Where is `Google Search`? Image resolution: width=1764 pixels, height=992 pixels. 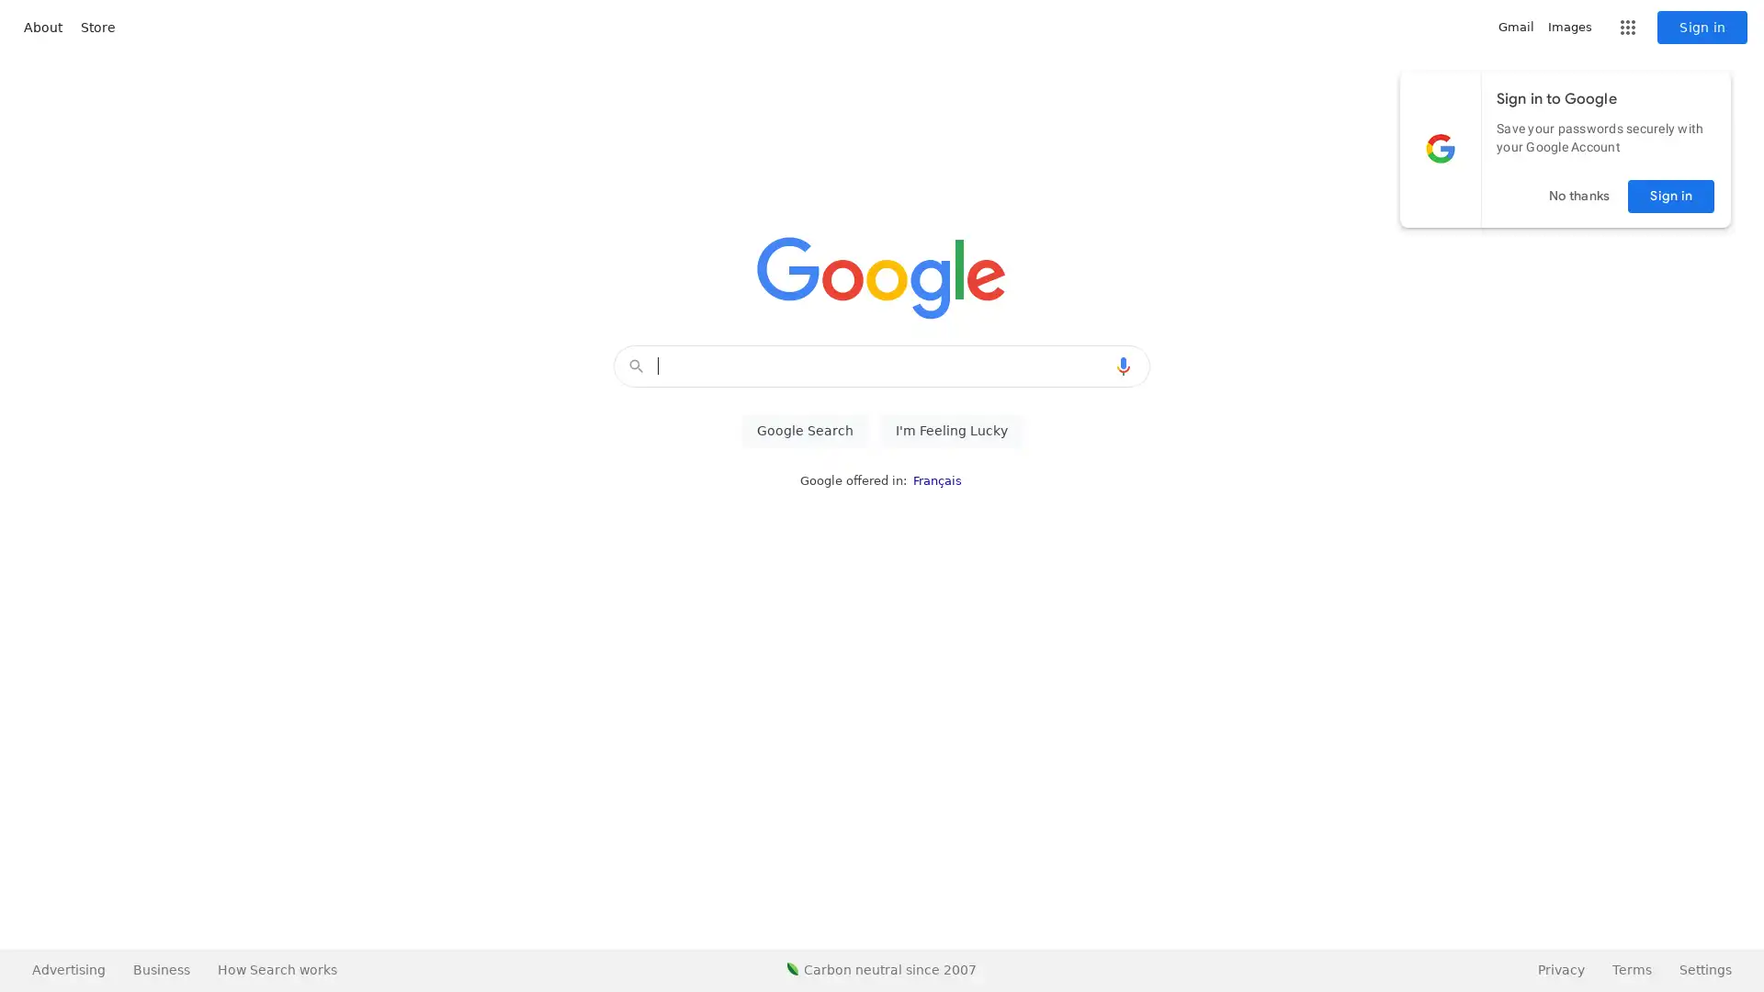
Google Search is located at coordinates (804, 431).